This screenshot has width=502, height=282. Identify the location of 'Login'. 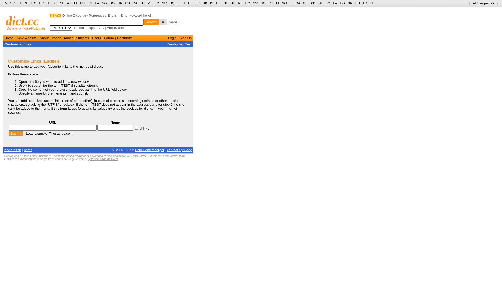
(172, 38).